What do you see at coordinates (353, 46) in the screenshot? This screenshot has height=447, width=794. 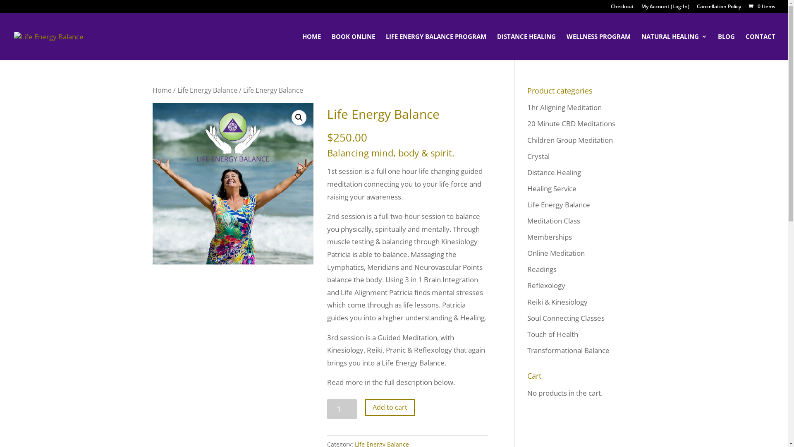 I see `'BOOK ONLINE'` at bounding box center [353, 46].